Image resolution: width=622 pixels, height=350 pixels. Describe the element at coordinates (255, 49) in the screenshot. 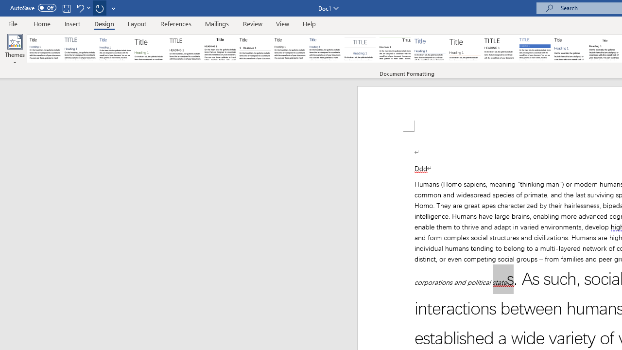

I see `'Black & White (Numbered)'` at that location.